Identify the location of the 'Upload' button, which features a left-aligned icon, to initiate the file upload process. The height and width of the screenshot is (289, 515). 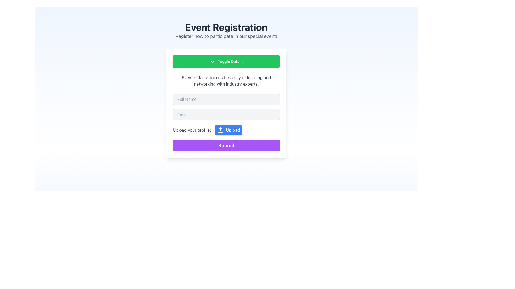
(220, 130).